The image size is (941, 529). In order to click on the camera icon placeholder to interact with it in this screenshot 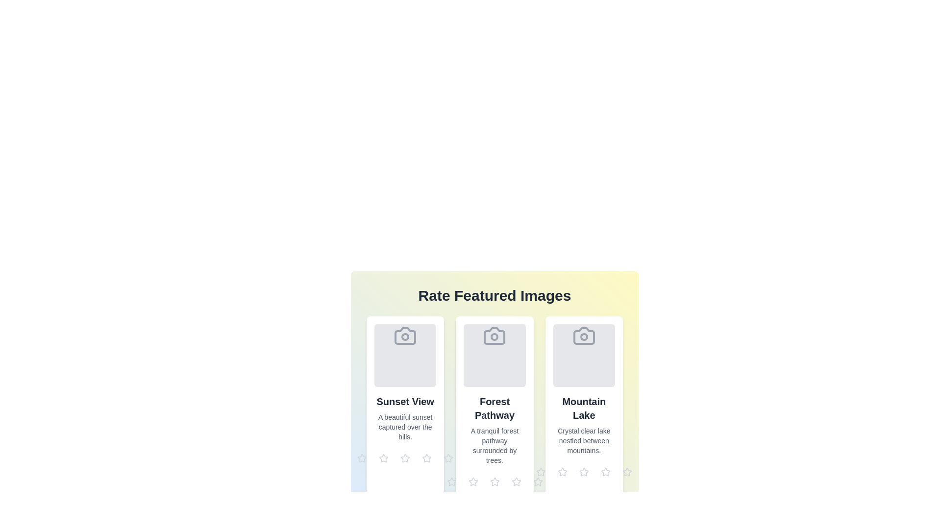, I will do `click(405, 336)`.